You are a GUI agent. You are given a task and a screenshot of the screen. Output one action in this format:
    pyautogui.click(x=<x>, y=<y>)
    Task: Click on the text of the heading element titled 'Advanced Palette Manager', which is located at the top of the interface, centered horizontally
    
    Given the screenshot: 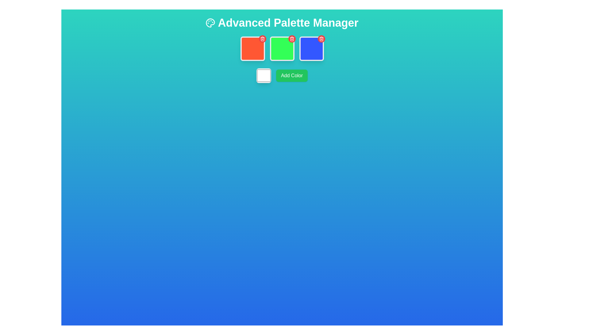 What is the action you would take?
    pyautogui.click(x=282, y=22)
    